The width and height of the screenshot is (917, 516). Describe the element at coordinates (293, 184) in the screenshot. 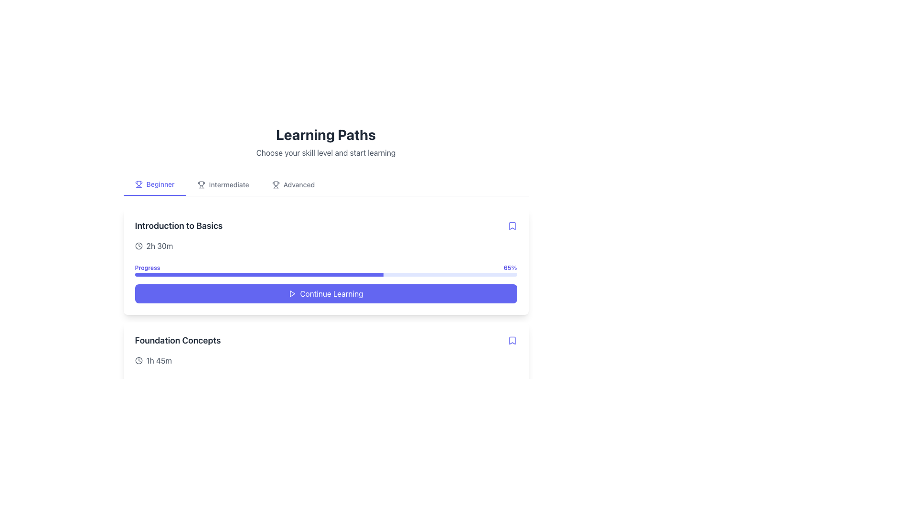

I see `the 'Advanced' button, which features a trophy icon and adjacent gray text` at that location.